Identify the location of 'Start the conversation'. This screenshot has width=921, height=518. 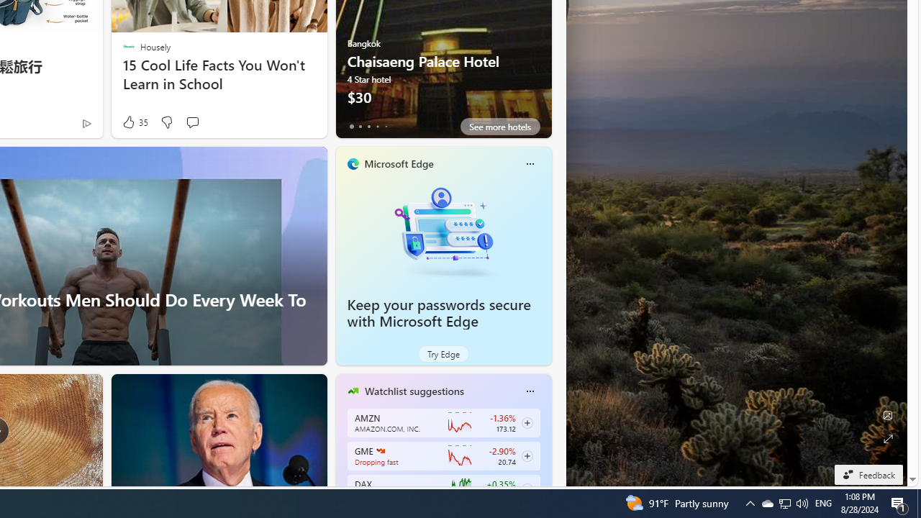
(191, 122).